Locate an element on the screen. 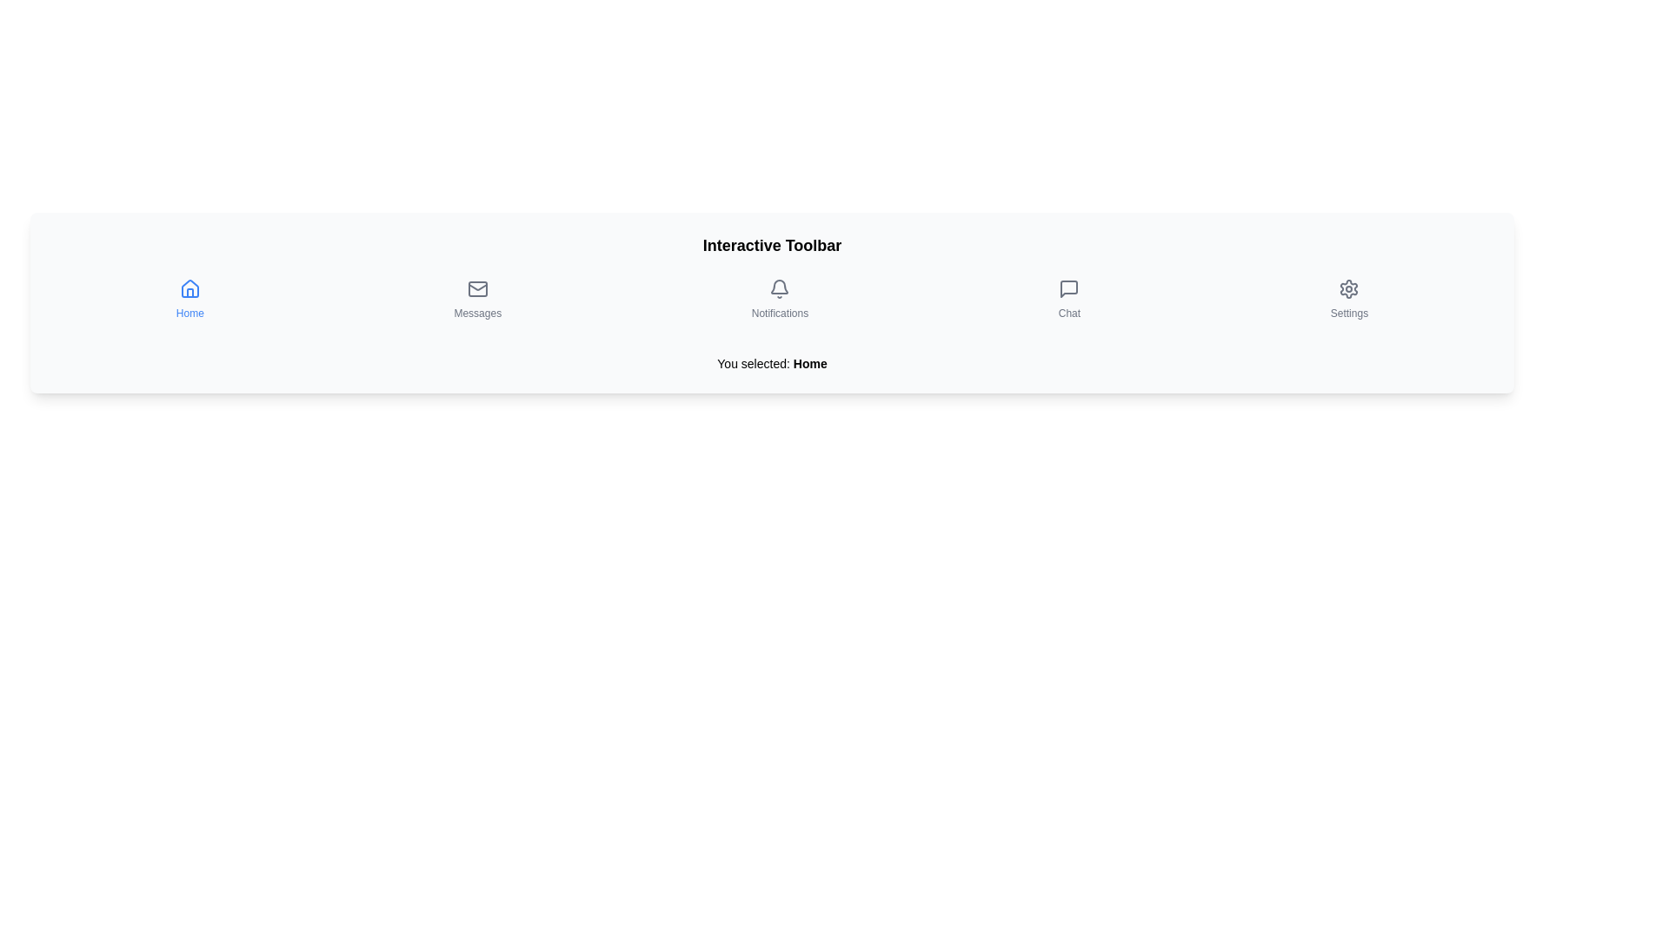 The width and height of the screenshot is (1669, 938). the Static Text Label displaying 'Notifications', which is located below the bell icon in the toolbar is located at coordinates (779, 314).